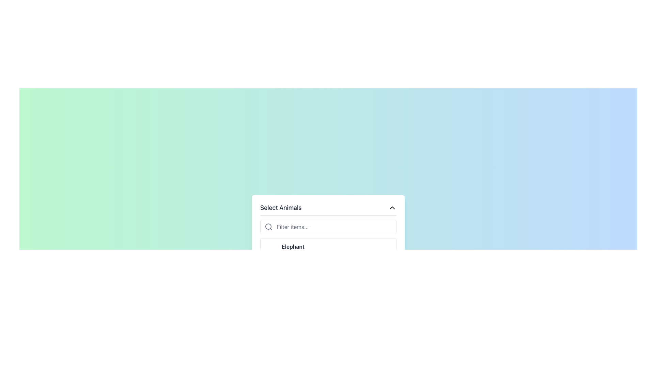  Describe the element at coordinates (392, 207) in the screenshot. I see `the downward-pointing chevron icon located in the top-right corner of the 'Select Animals' dropdown header` at that location.